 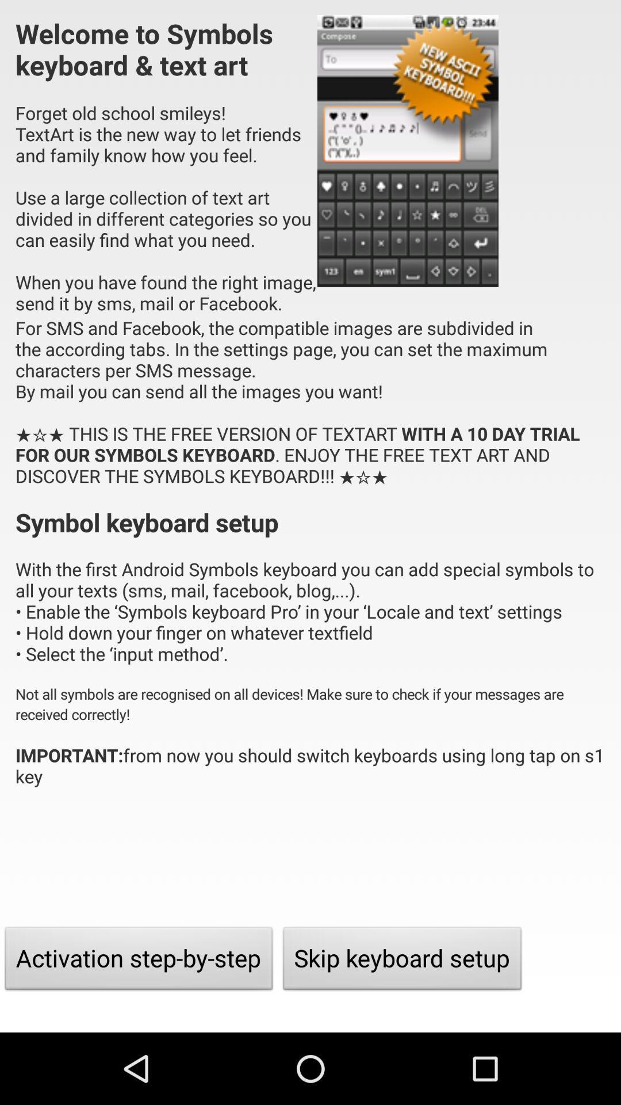 I want to click on icon below the for sms and item, so click(x=402, y=961).